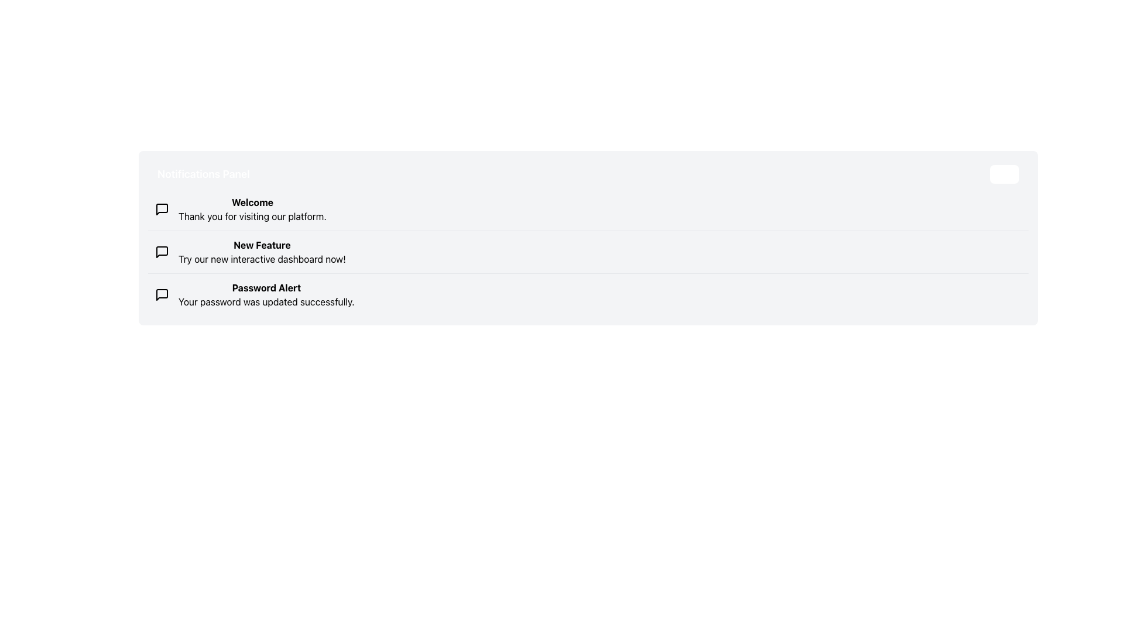  Describe the element at coordinates (261, 245) in the screenshot. I see `the Text element that serves as the bold title for the notification, located on the second row of the notification panel, just above the text 'Try our new interactive dashboard now!' and below the notification titled 'Welcome'` at that location.